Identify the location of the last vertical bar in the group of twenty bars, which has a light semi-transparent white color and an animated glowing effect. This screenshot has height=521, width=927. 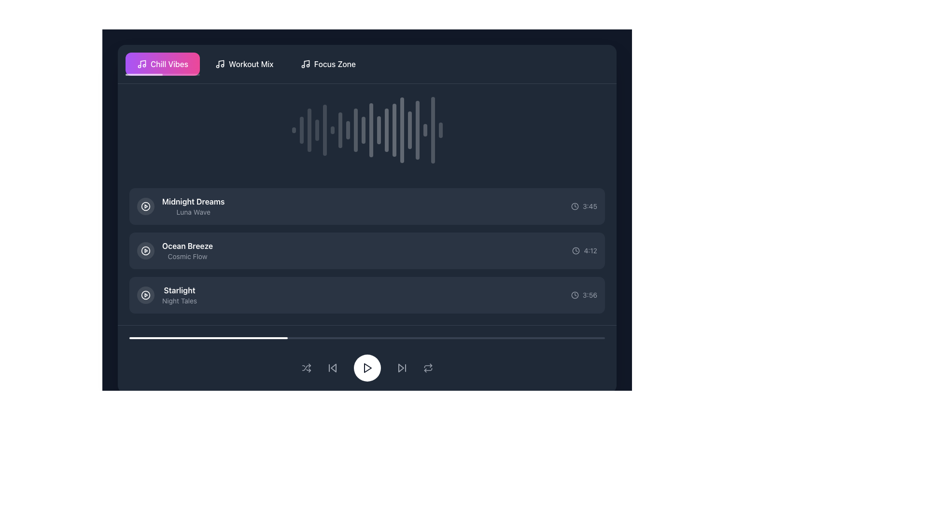
(440, 130).